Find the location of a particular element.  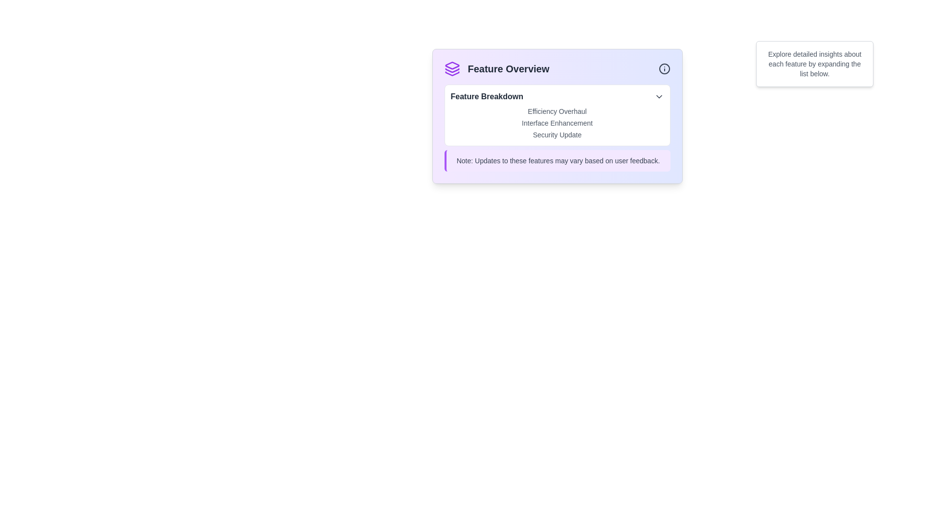

the purple layered icon located to the left of the 'Feature Overview' text to interact with it is located at coordinates (451, 68).